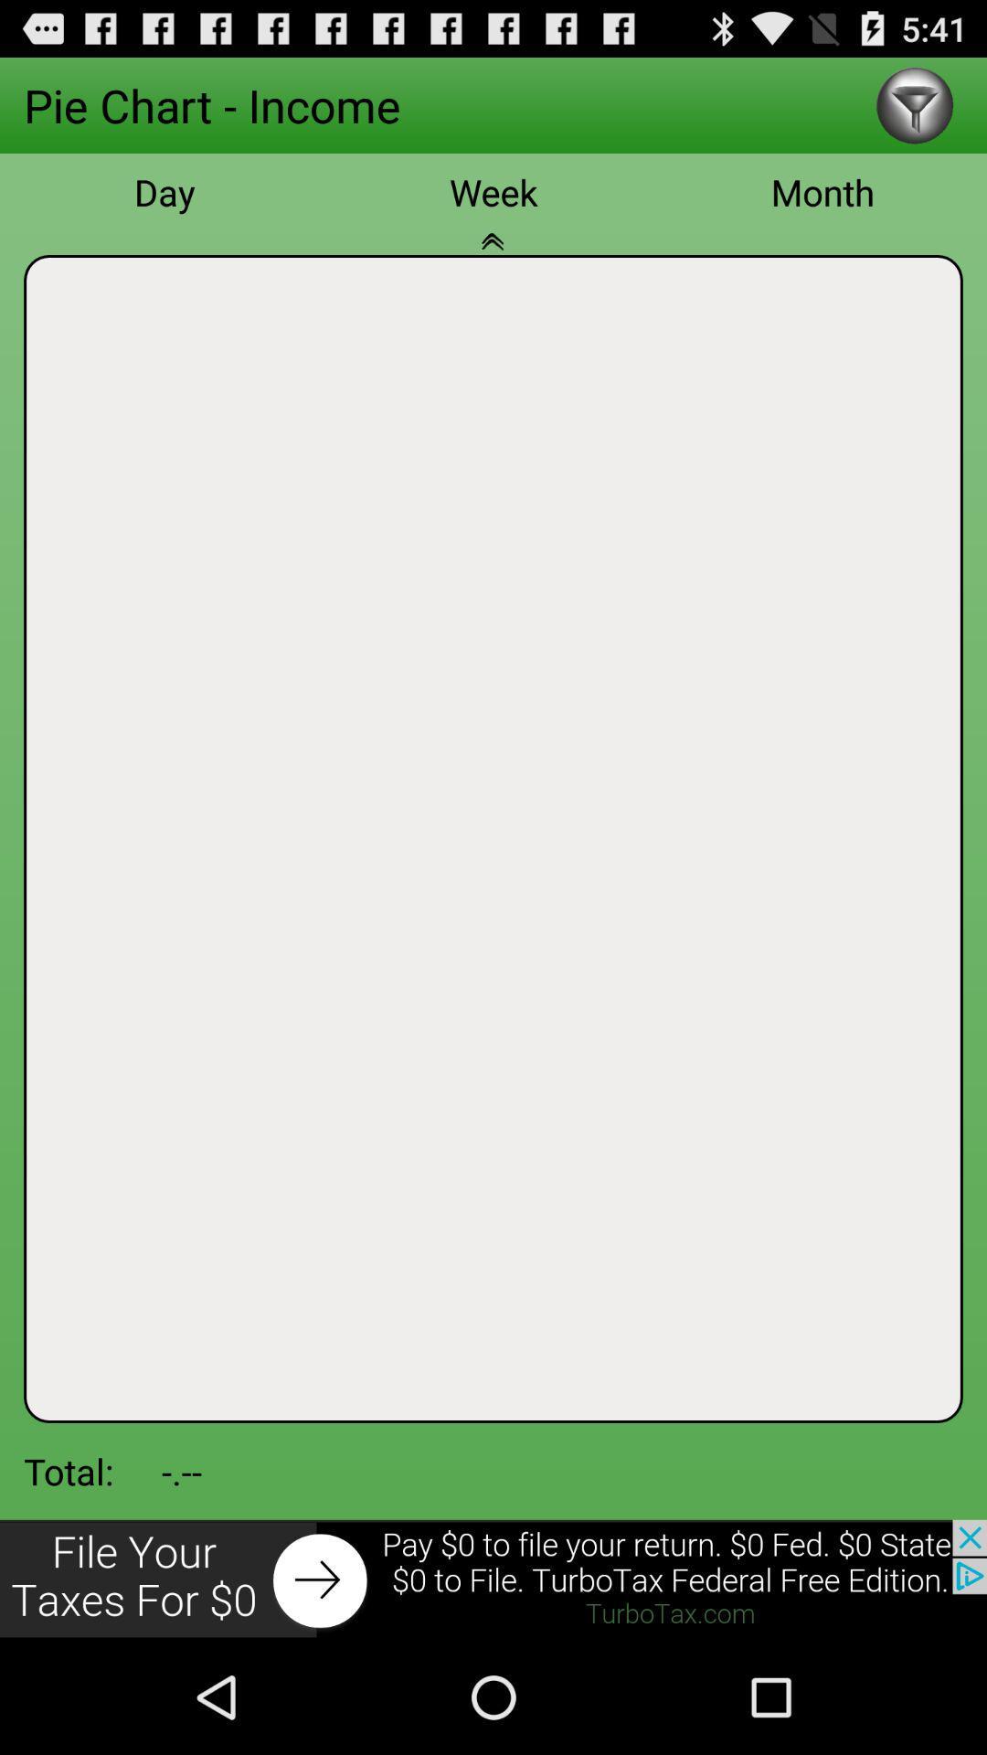 This screenshot has height=1755, width=987. What do you see at coordinates (493, 250) in the screenshot?
I see `move to different tab` at bounding box center [493, 250].